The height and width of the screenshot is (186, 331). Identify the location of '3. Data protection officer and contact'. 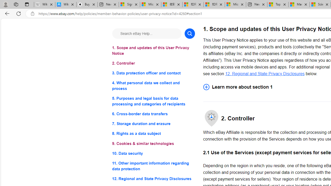
(153, 73).